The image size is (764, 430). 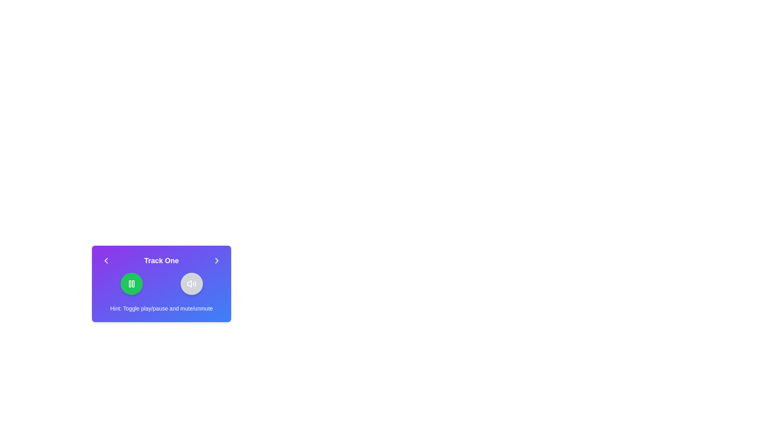 What do you see at coordinates (161, 283) in the screenshot?
I see `the green play/pause button in the Card component with multimedia controls` at bounding box center [161, 283].